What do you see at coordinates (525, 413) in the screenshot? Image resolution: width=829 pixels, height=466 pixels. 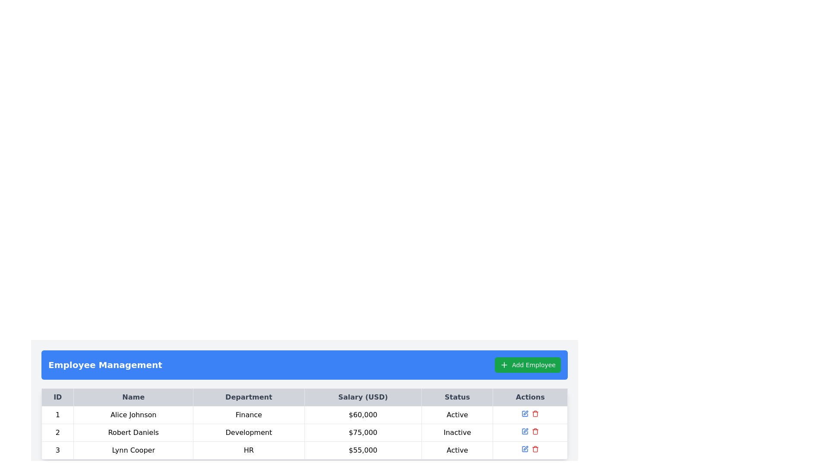 I see `the Icon Button in the 'Actions' column of the table corresponding to the first row for Alice Johnson to initiate edit` at bounding box center [525, 413].